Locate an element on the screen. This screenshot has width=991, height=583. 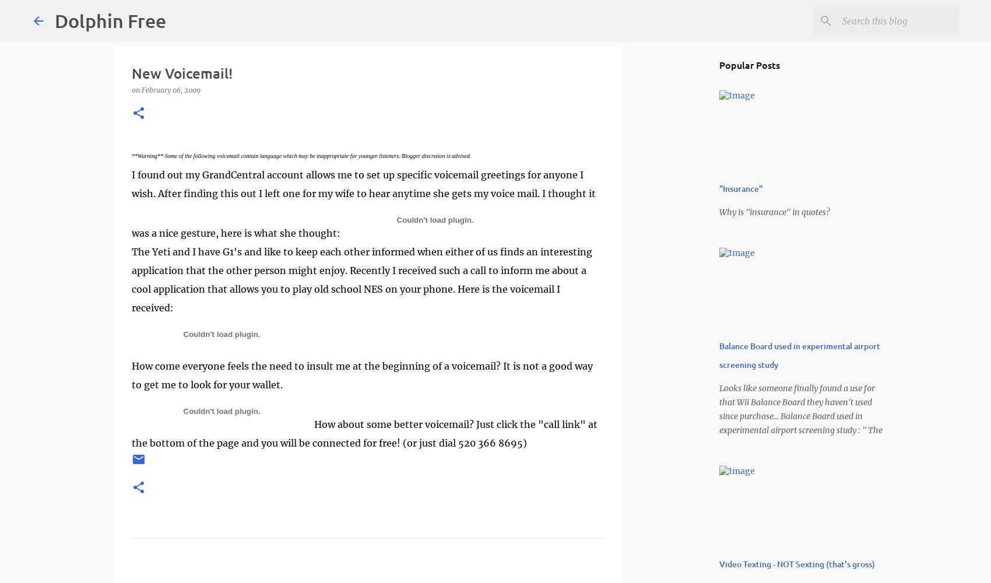
'February 06, 2009' is located at coordinates (171, 90).